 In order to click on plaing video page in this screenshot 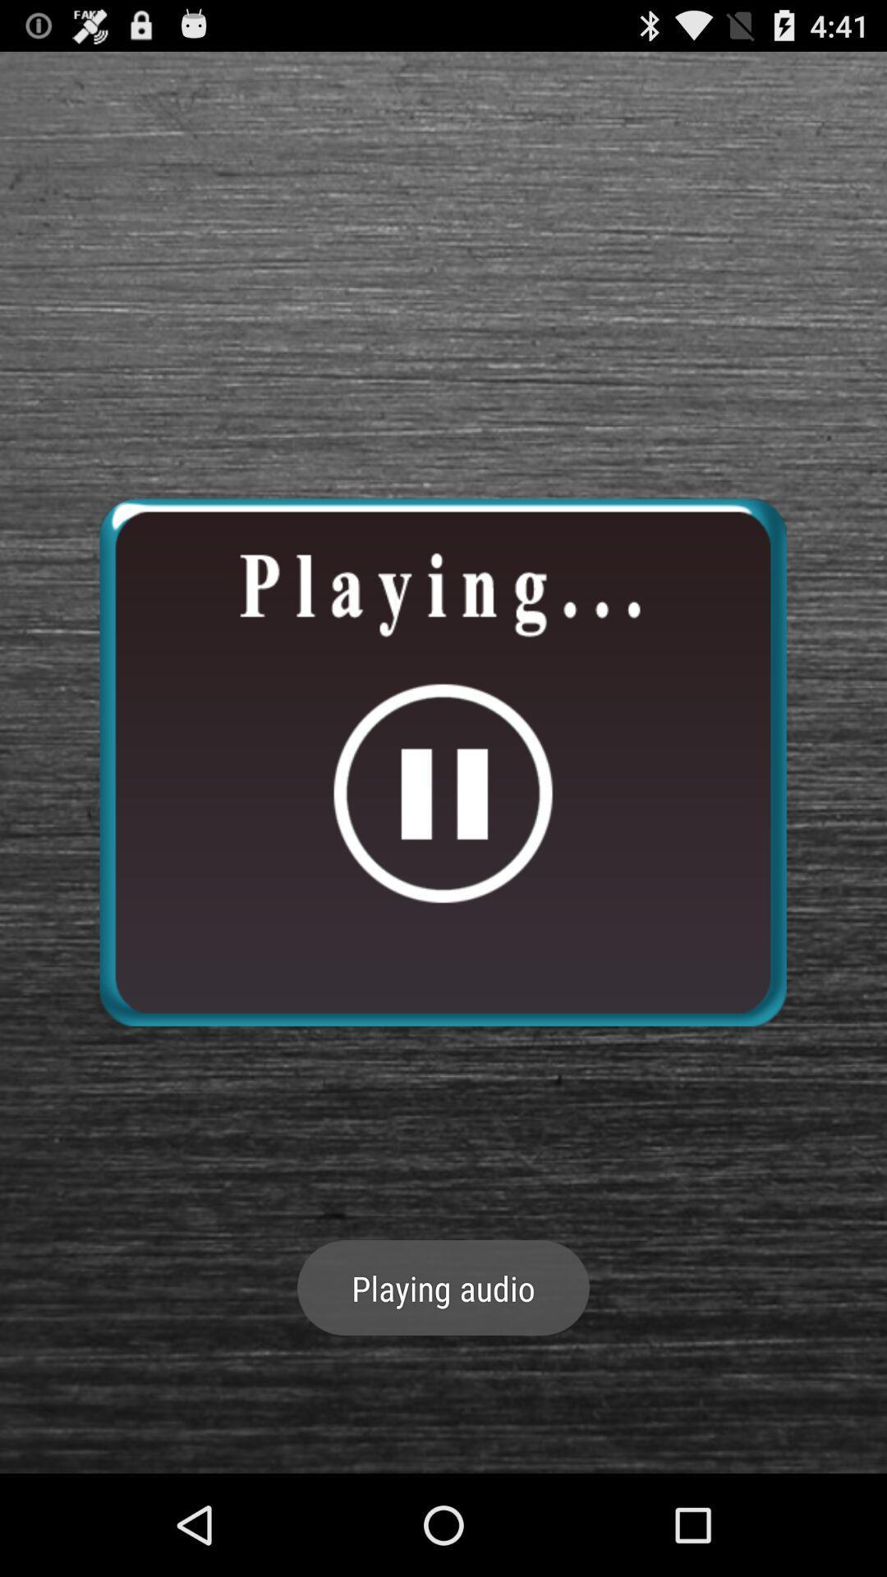, I will do `click(442, 761)`.